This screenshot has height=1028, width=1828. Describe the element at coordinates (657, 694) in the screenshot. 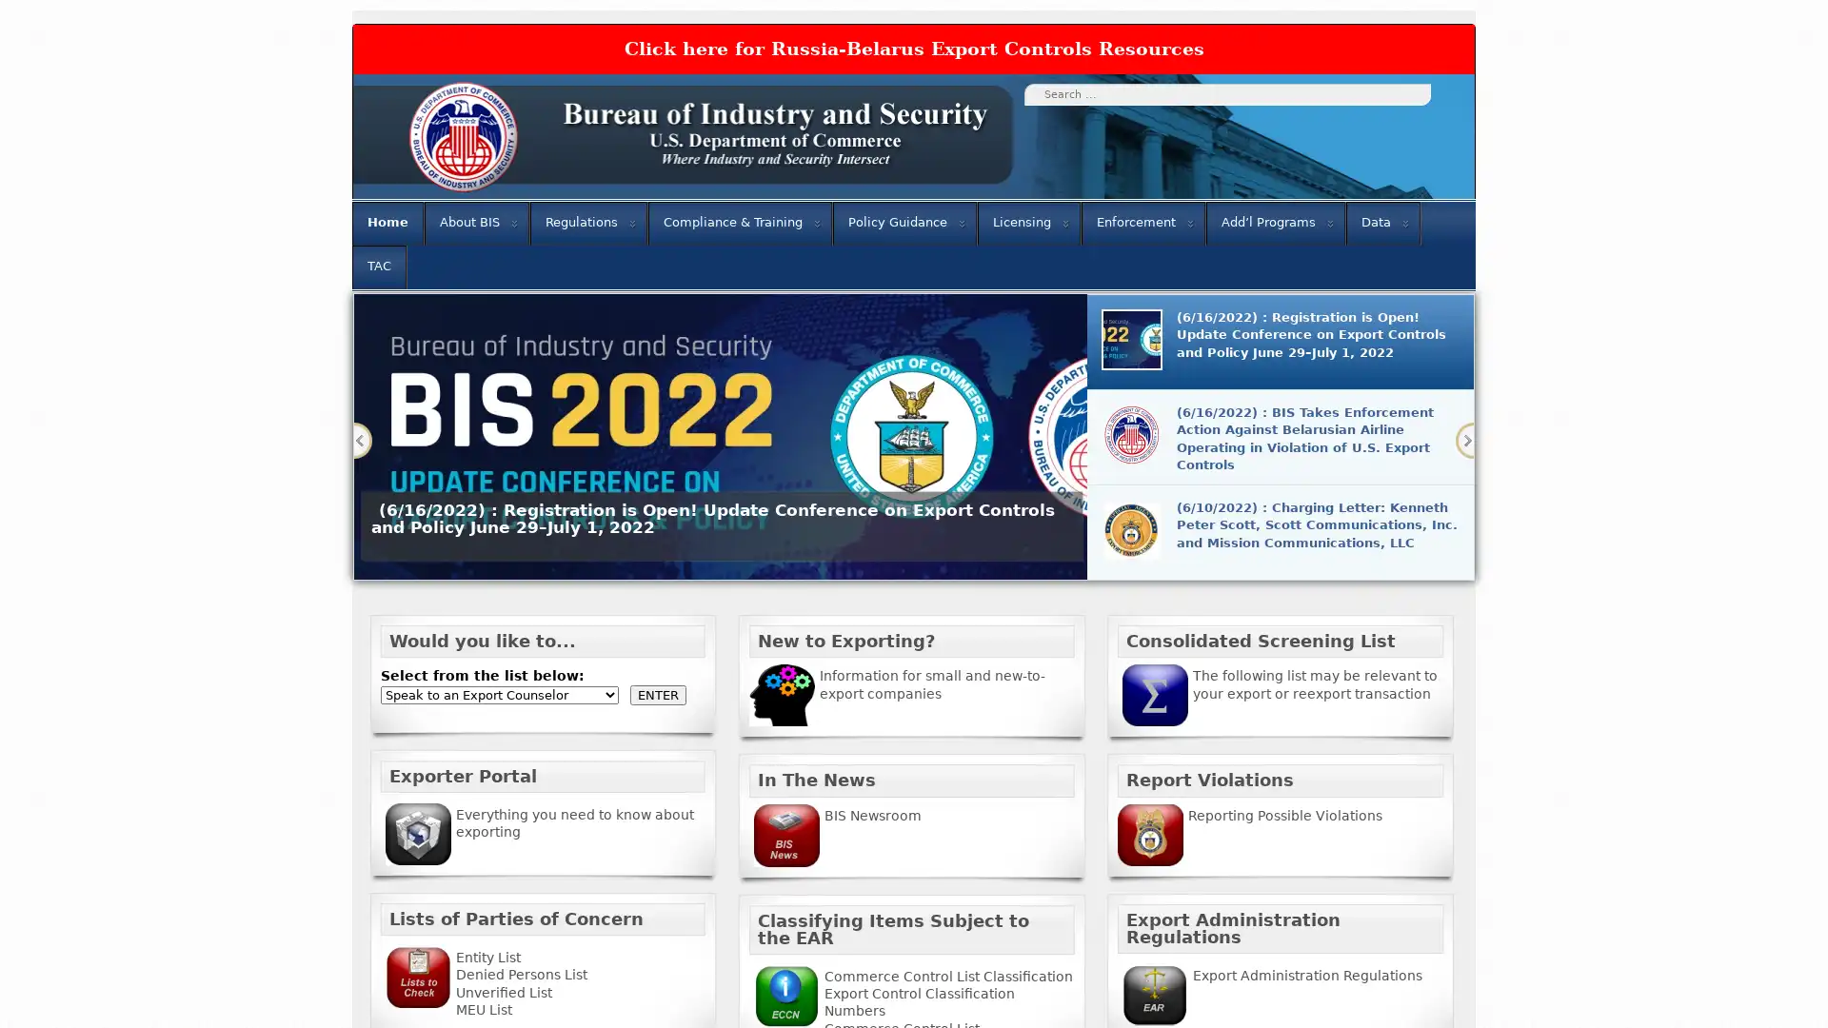

I see `ENTER` at that location.